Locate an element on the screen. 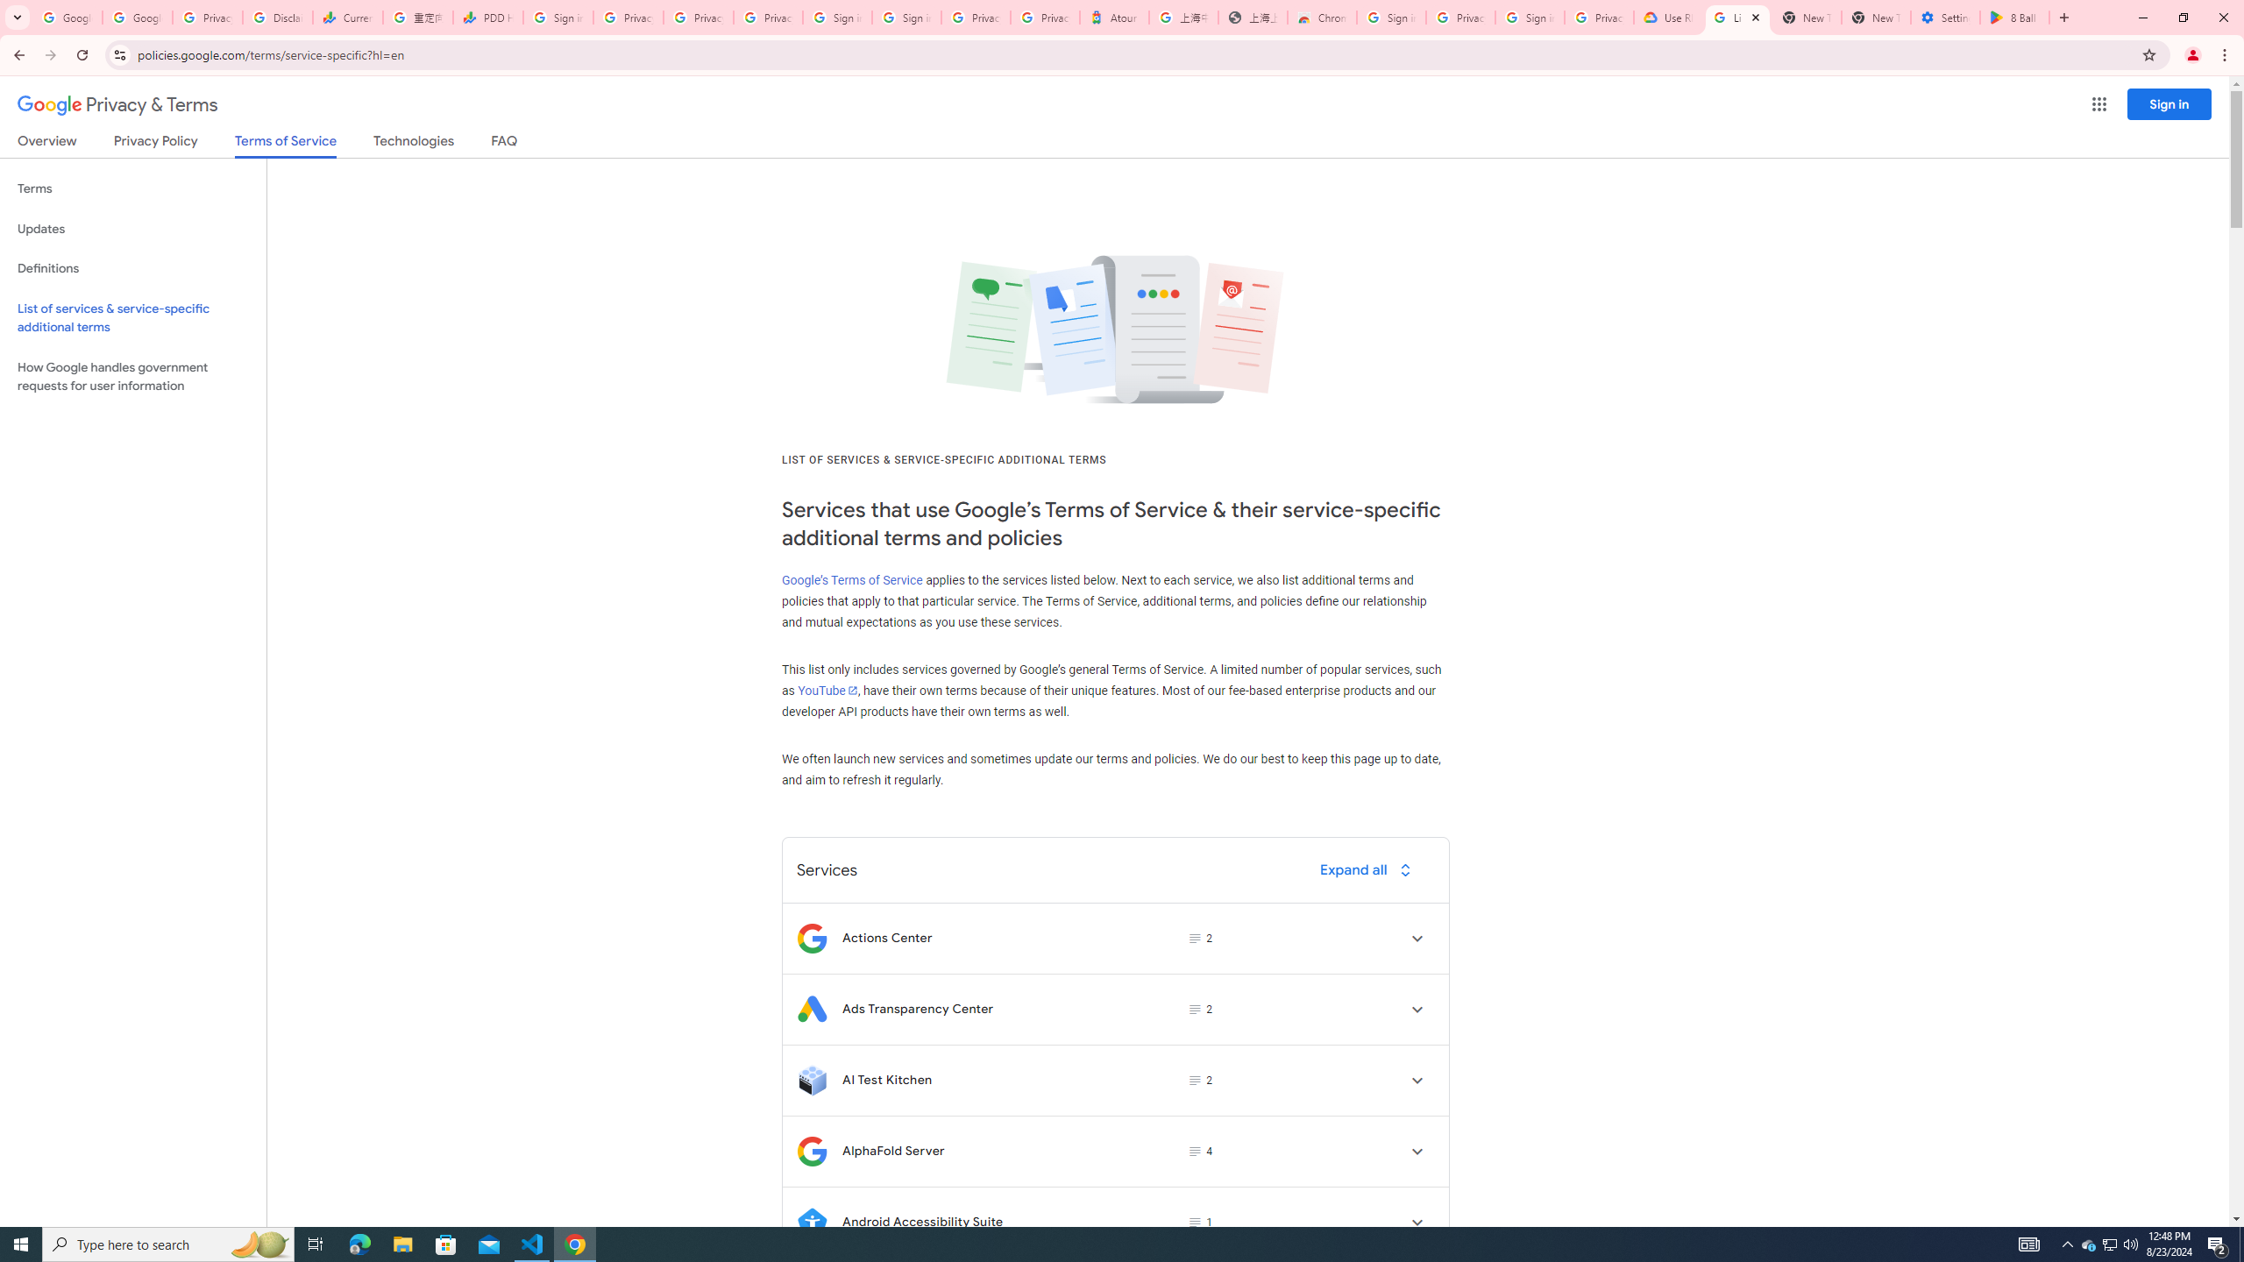 The height and width of the screenshot is (1262, 2244). 'Definitions' is located at coordinates (132, 268).